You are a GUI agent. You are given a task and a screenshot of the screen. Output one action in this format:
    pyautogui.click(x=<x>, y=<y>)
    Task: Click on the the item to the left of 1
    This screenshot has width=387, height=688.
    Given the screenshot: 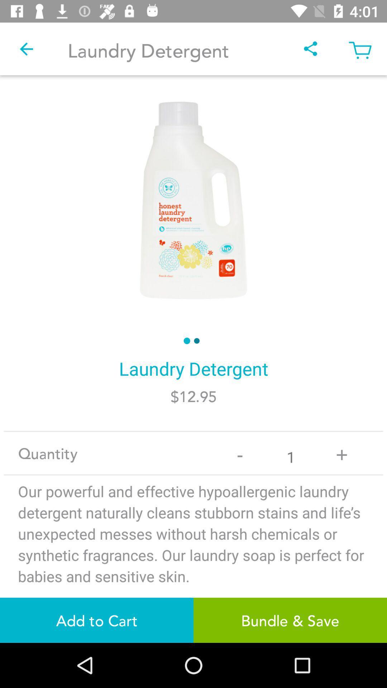 What is the action you would take?
    pyautogui.click(x=240, y=453)
    